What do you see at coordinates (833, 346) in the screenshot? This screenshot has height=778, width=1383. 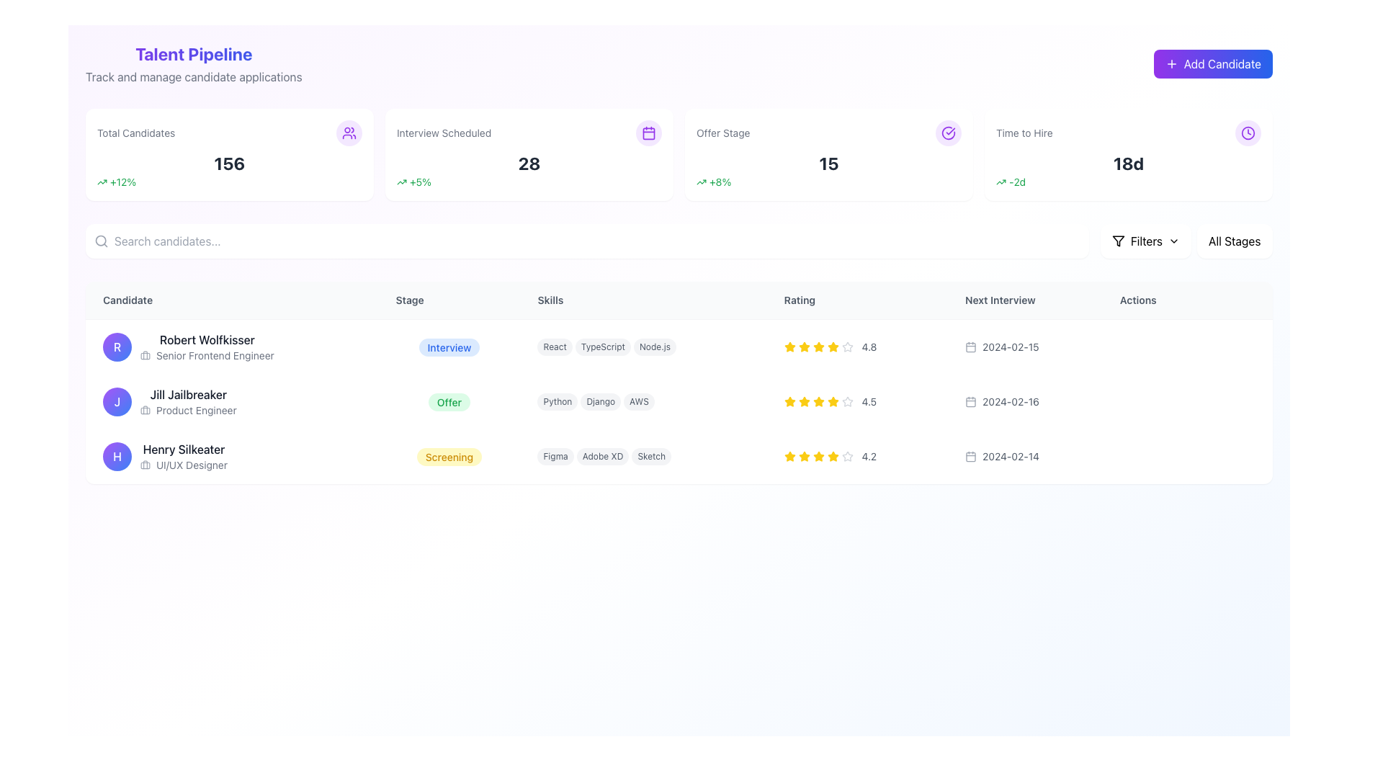 I see `the fifth star-shaped yellow icon in the 'Rating' column associated with Robert Wolfkisser to potentially modify its state` at bounding box center [833, 346].